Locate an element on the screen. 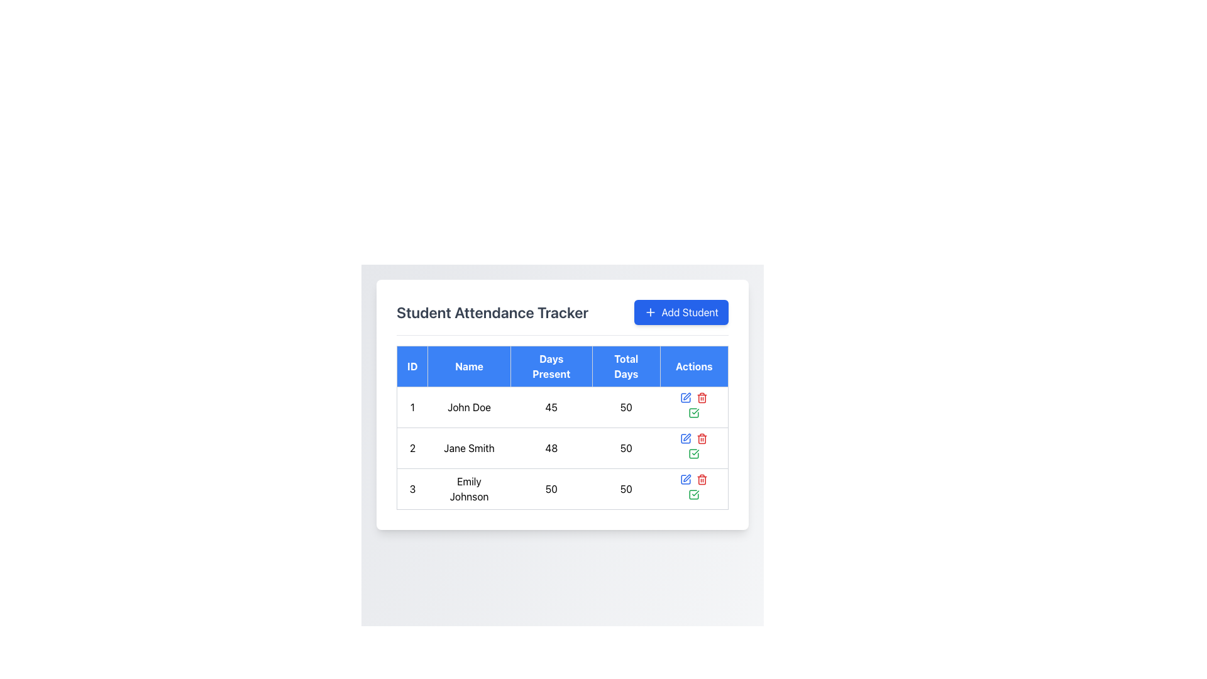 The height and width of the screenshot is (679, 1207). the second row of the attendance table representing the student Jane Smith, which includes her ID, name, days present, total days, and action icons is located at coordinates (561, 448).